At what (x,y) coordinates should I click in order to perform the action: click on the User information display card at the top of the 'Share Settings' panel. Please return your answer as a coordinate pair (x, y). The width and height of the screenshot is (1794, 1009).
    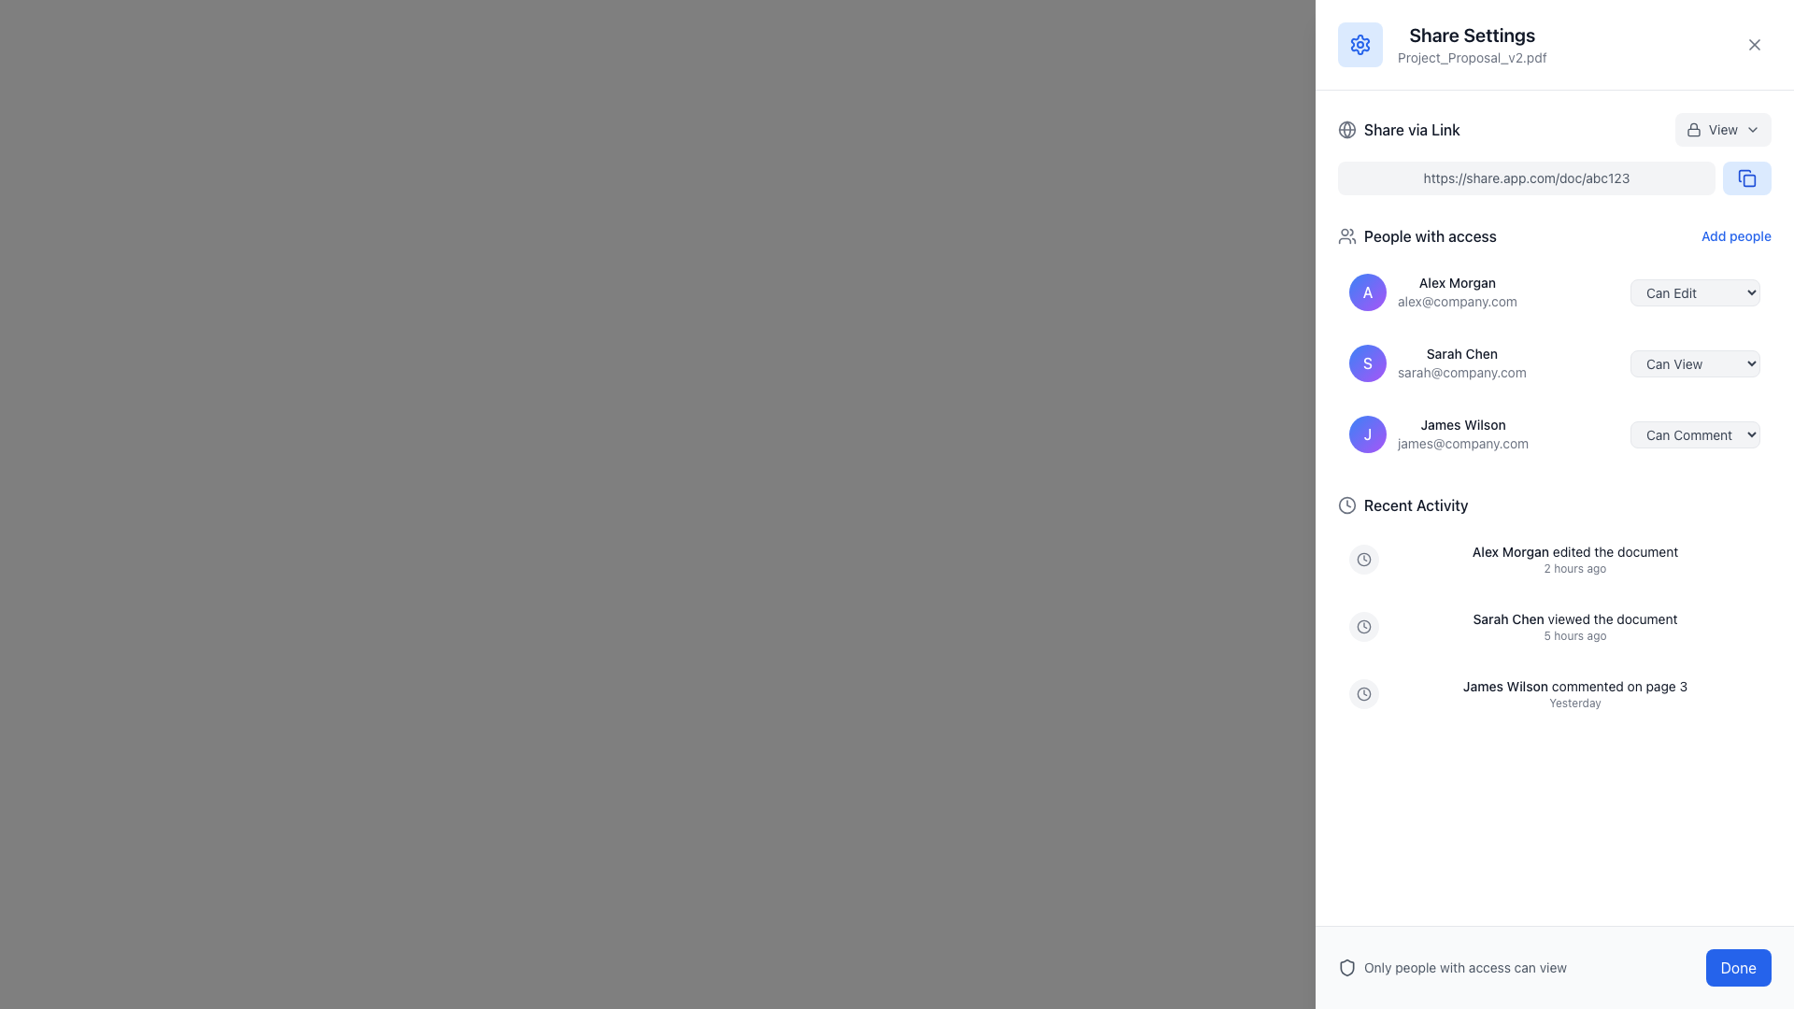
    Looking at the image, I should click on (1432, 291).